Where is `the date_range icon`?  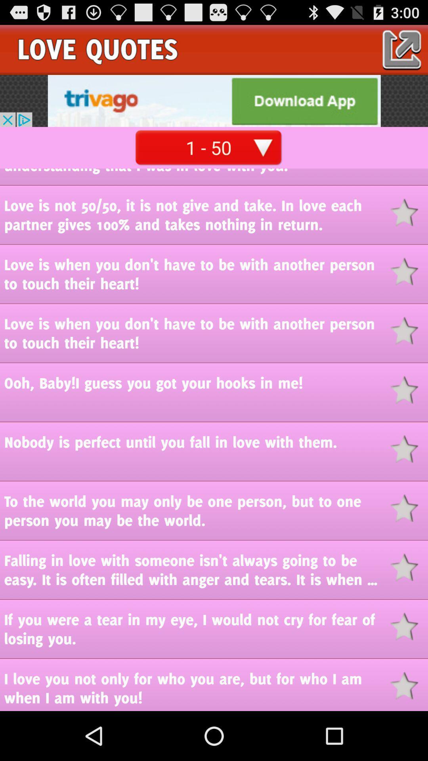
the date_range icon is located at coordinates (98, 53).